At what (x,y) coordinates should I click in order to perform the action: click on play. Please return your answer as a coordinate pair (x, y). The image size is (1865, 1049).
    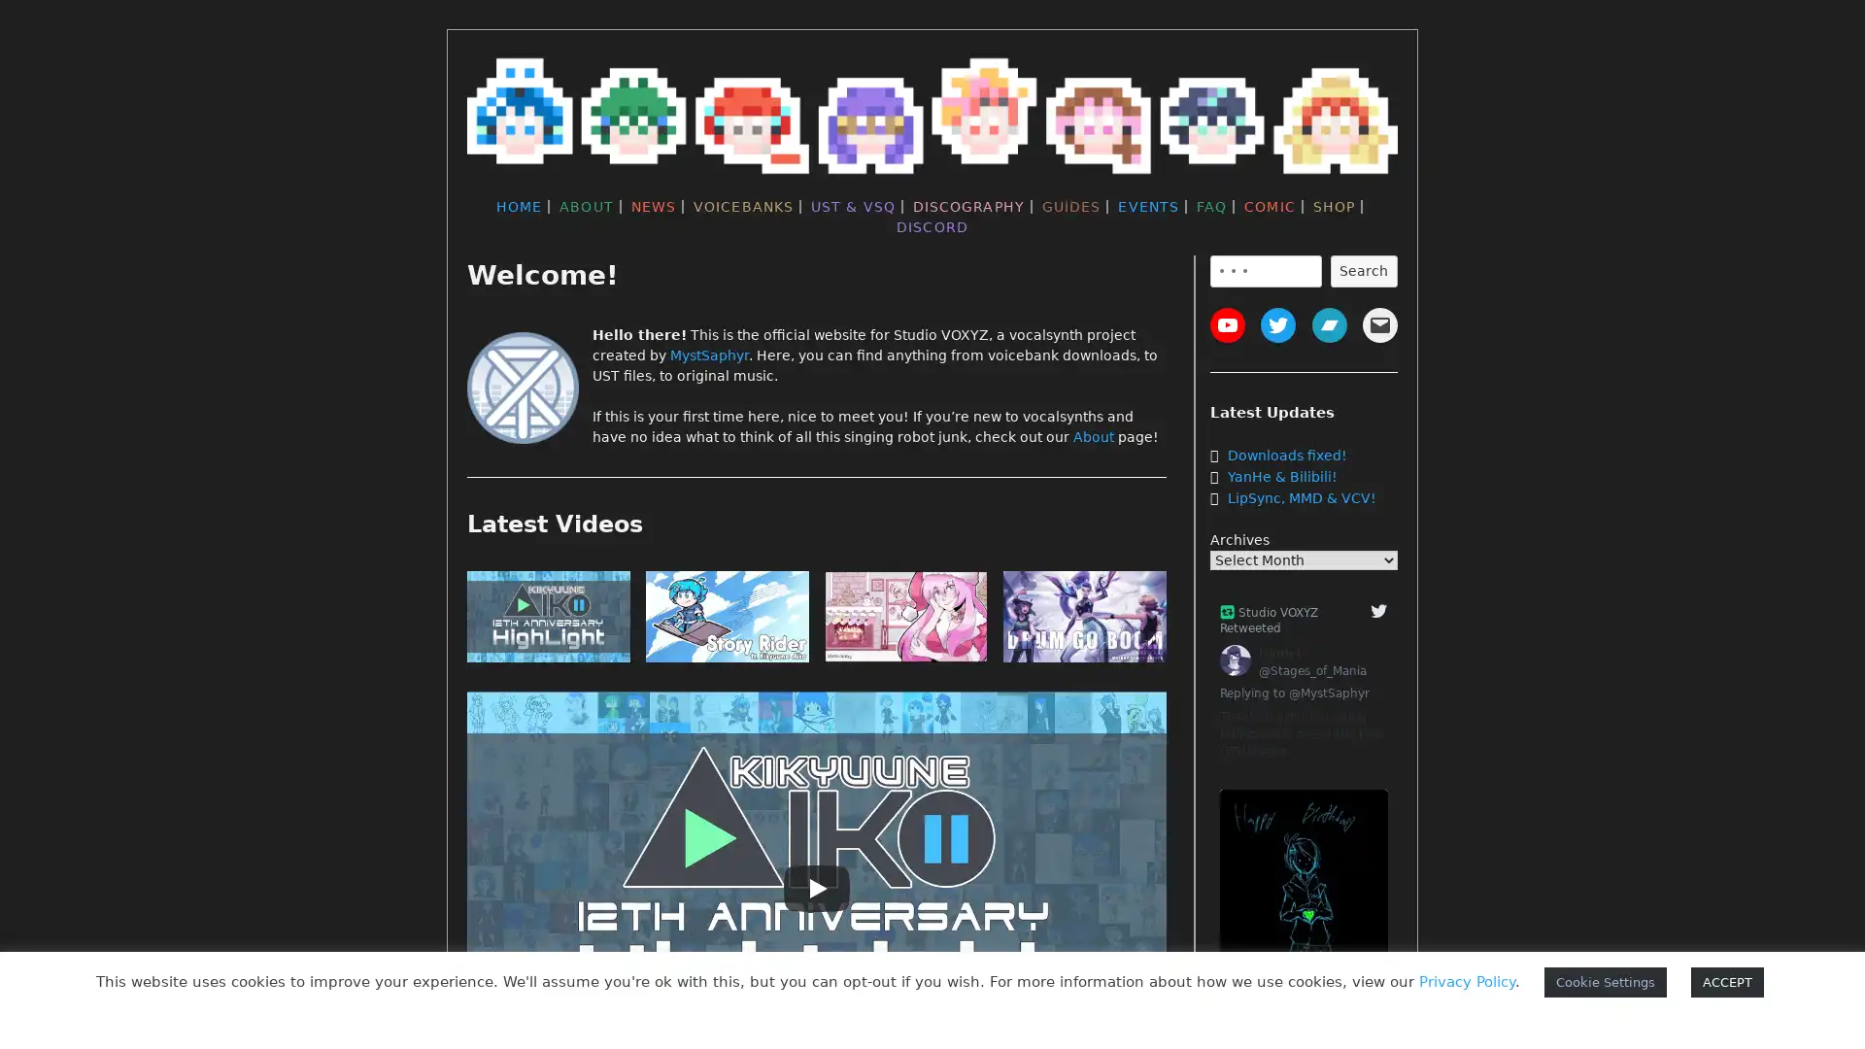
    Looking at the image, I should click on (726, 621).